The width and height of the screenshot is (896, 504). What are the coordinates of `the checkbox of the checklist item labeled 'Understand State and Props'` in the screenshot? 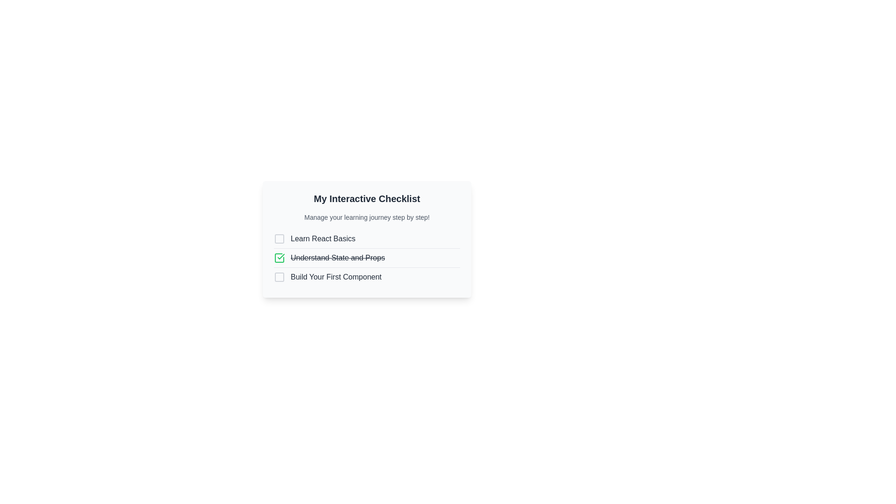 It's located at (366, 253).